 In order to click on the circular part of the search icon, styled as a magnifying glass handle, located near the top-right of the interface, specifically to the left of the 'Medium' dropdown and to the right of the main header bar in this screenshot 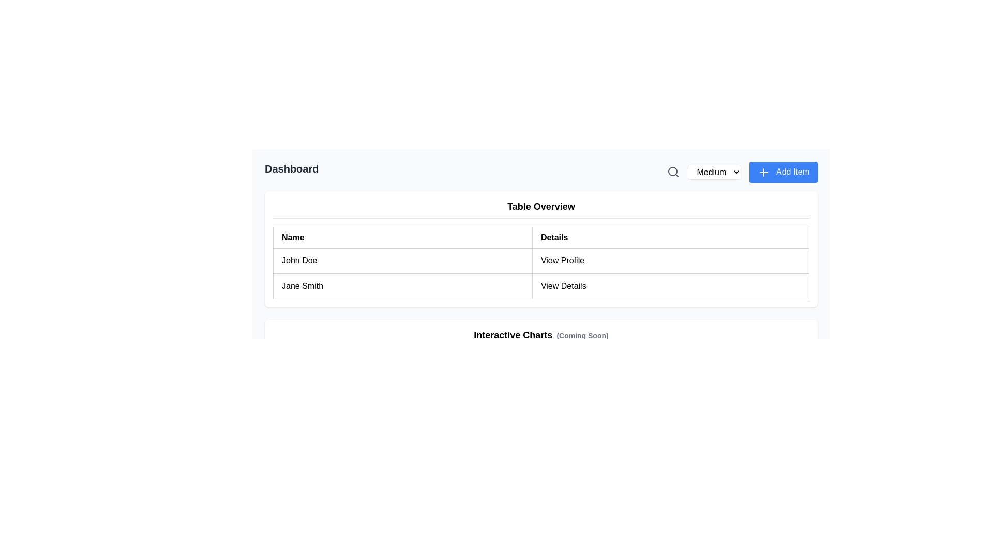, I will do `click(673, 171)`.